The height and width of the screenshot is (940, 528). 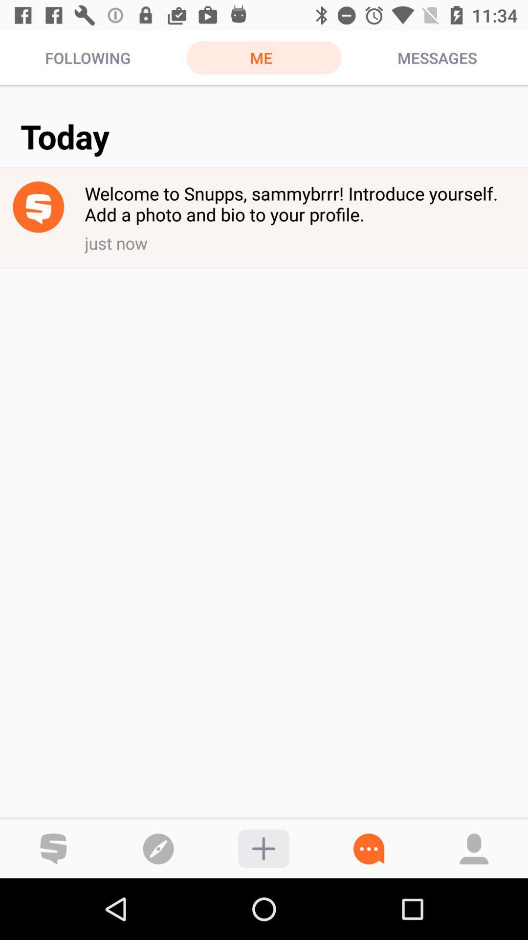 What do you see at coordinates (263, 848) in the screenshot?
I see `add button` at bounding box center [263, 848].